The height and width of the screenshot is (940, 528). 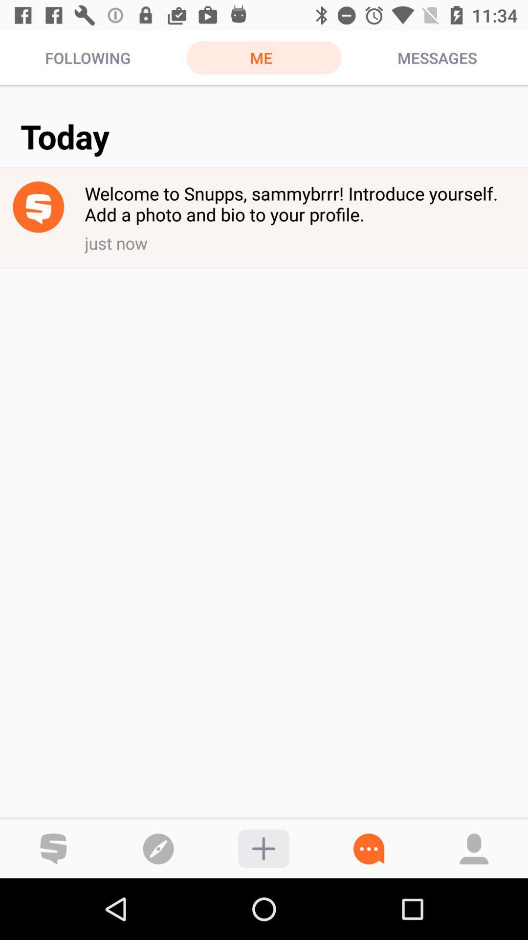 What do you see at coordinates (263, 848) in the screenshot?
I see `add button` at bounding box center [263, 848].